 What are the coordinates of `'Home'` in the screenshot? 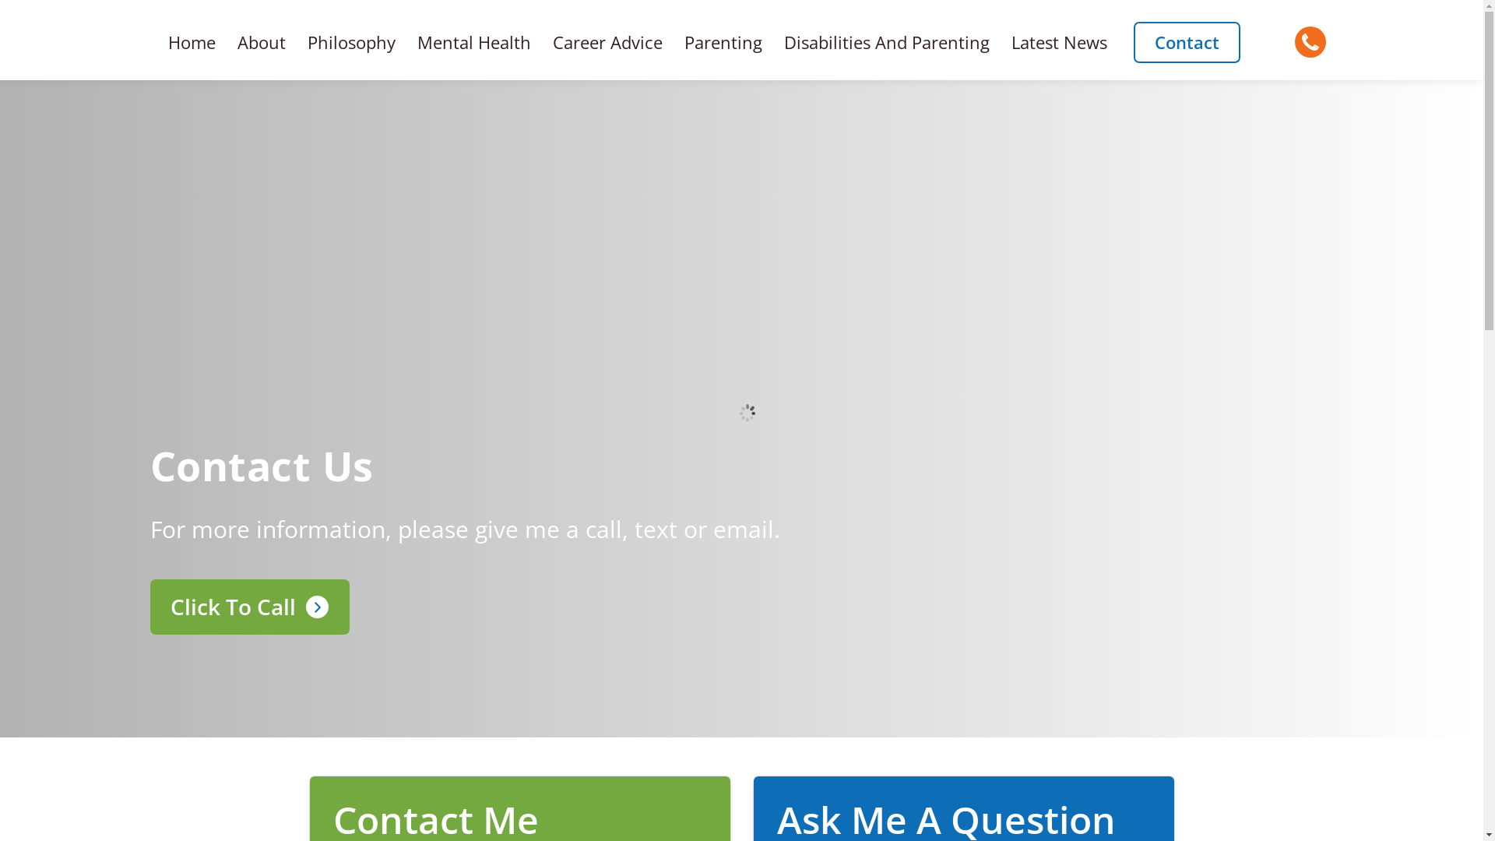 It's located at (191, 41).